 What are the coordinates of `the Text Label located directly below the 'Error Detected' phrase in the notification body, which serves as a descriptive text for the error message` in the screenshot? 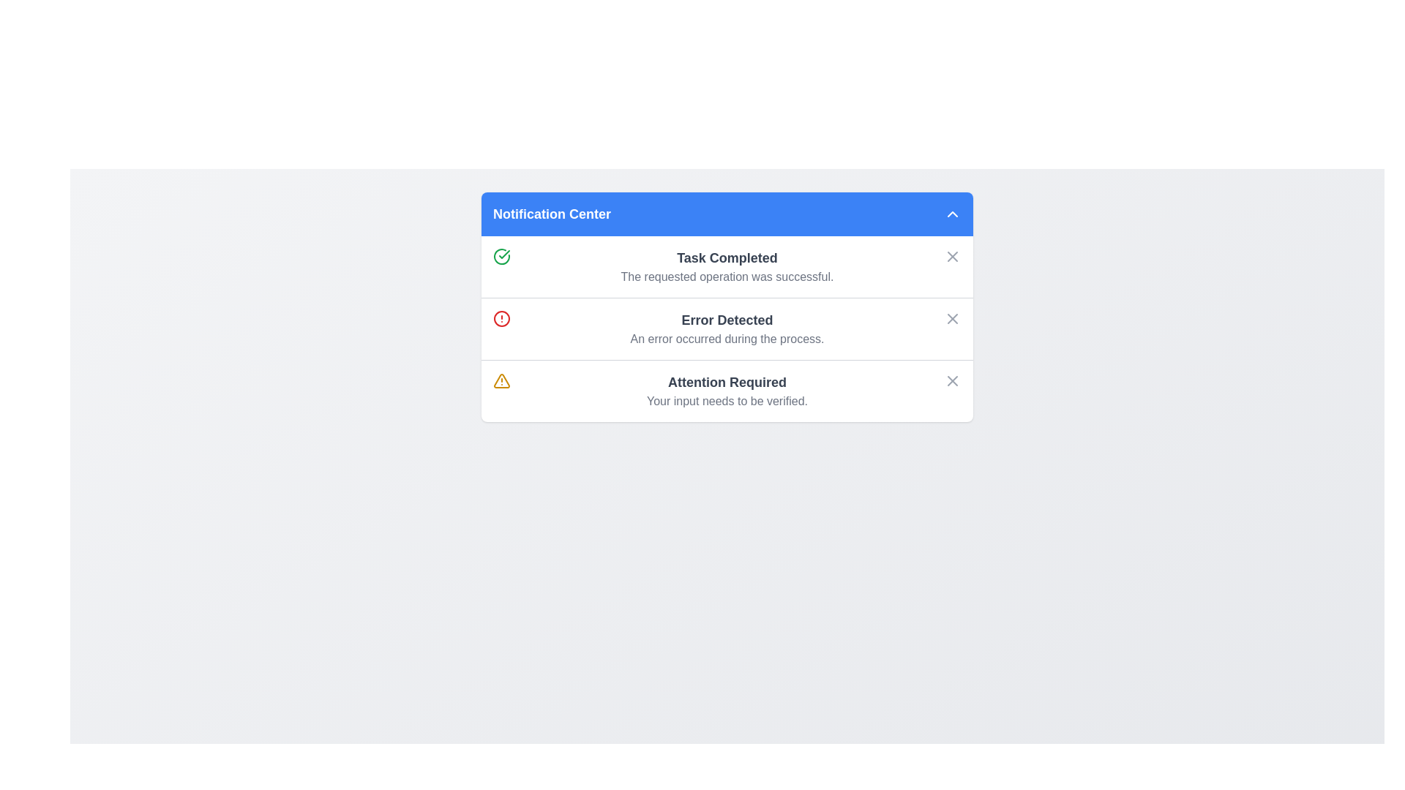 It's located at (727, 339).